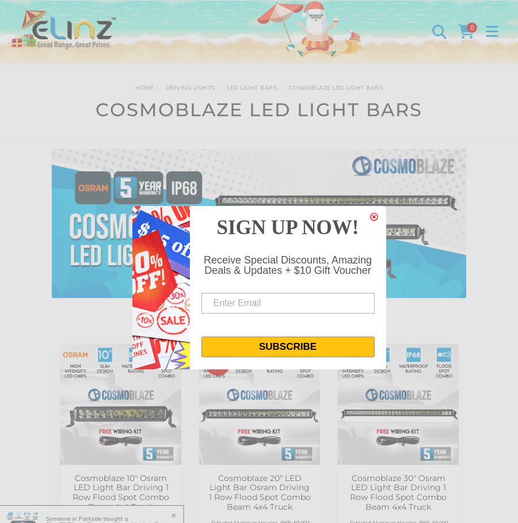 This screenshot has width=518, height=523. I want to click on 'Someone in', so click(51, 518).